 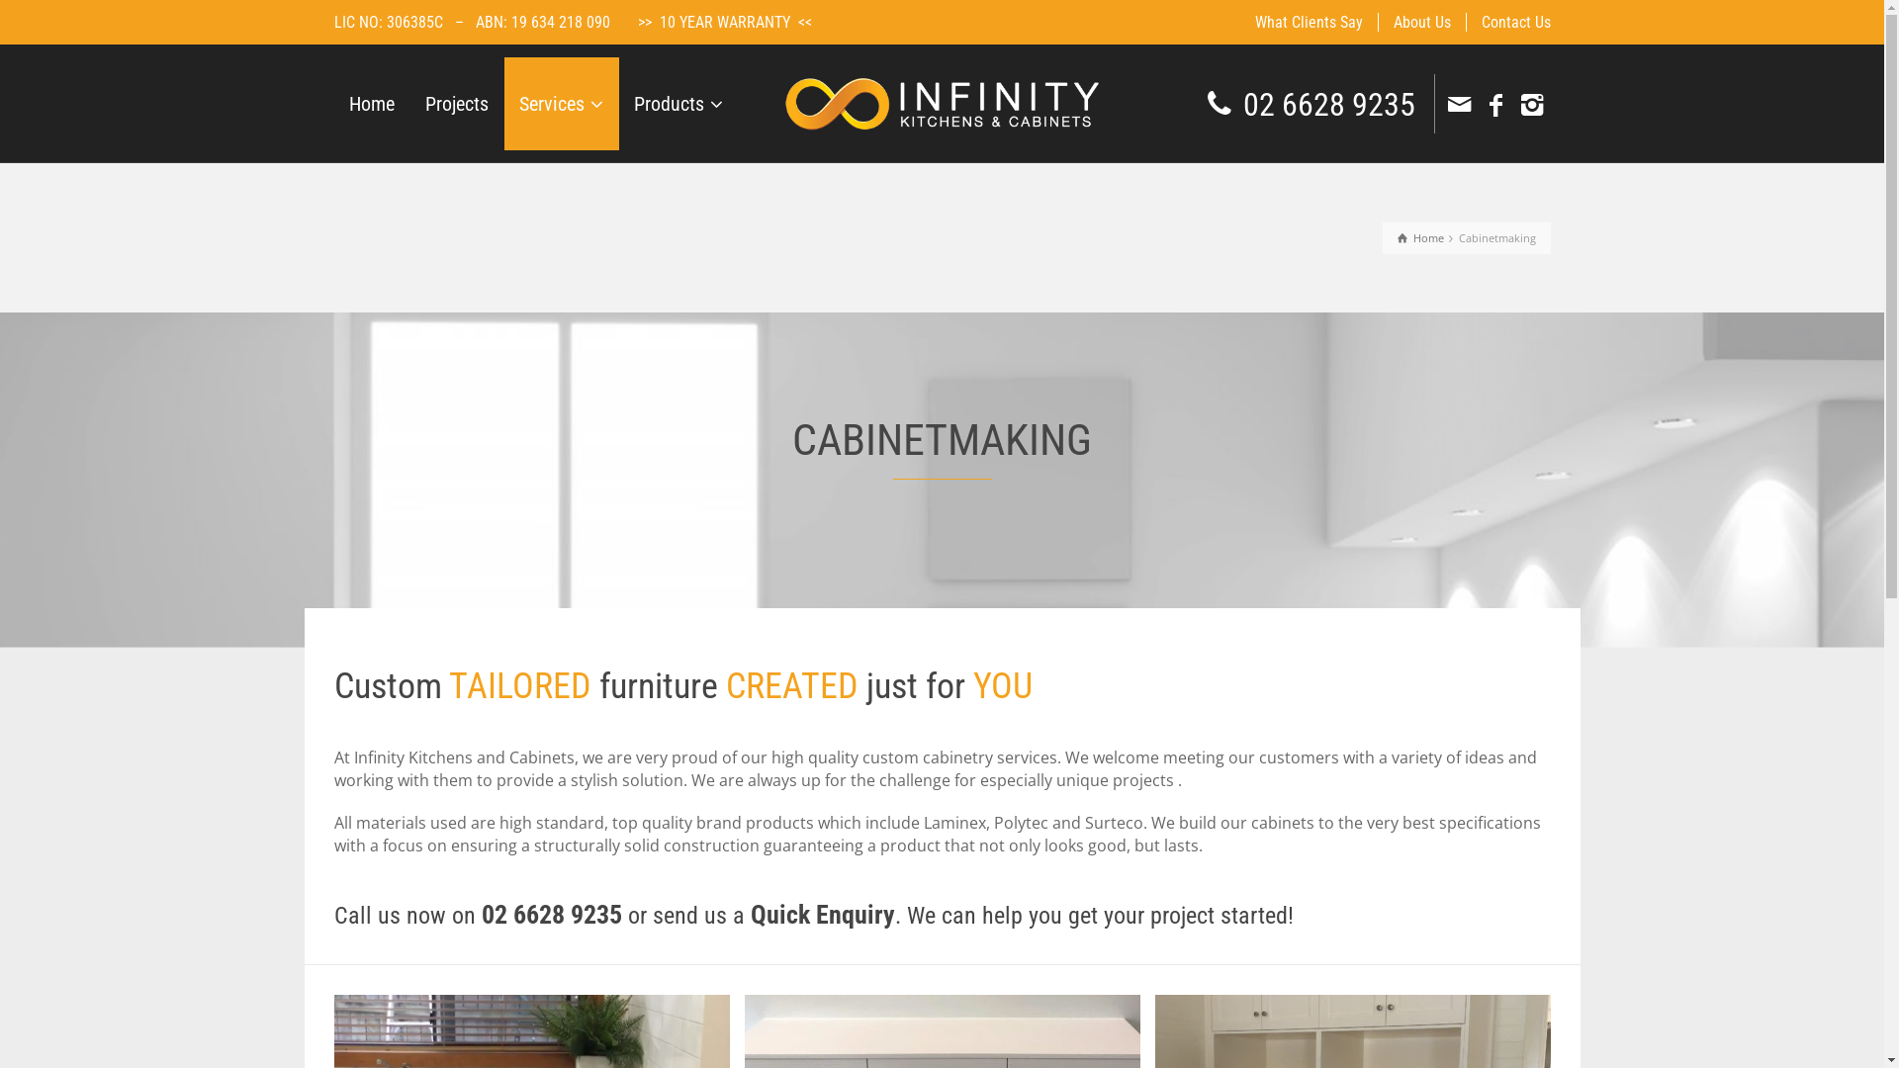 What do you see at coordinates (1461, 104) in the screenshot?
I see `'Email'` at bounding box center [1461, 104].